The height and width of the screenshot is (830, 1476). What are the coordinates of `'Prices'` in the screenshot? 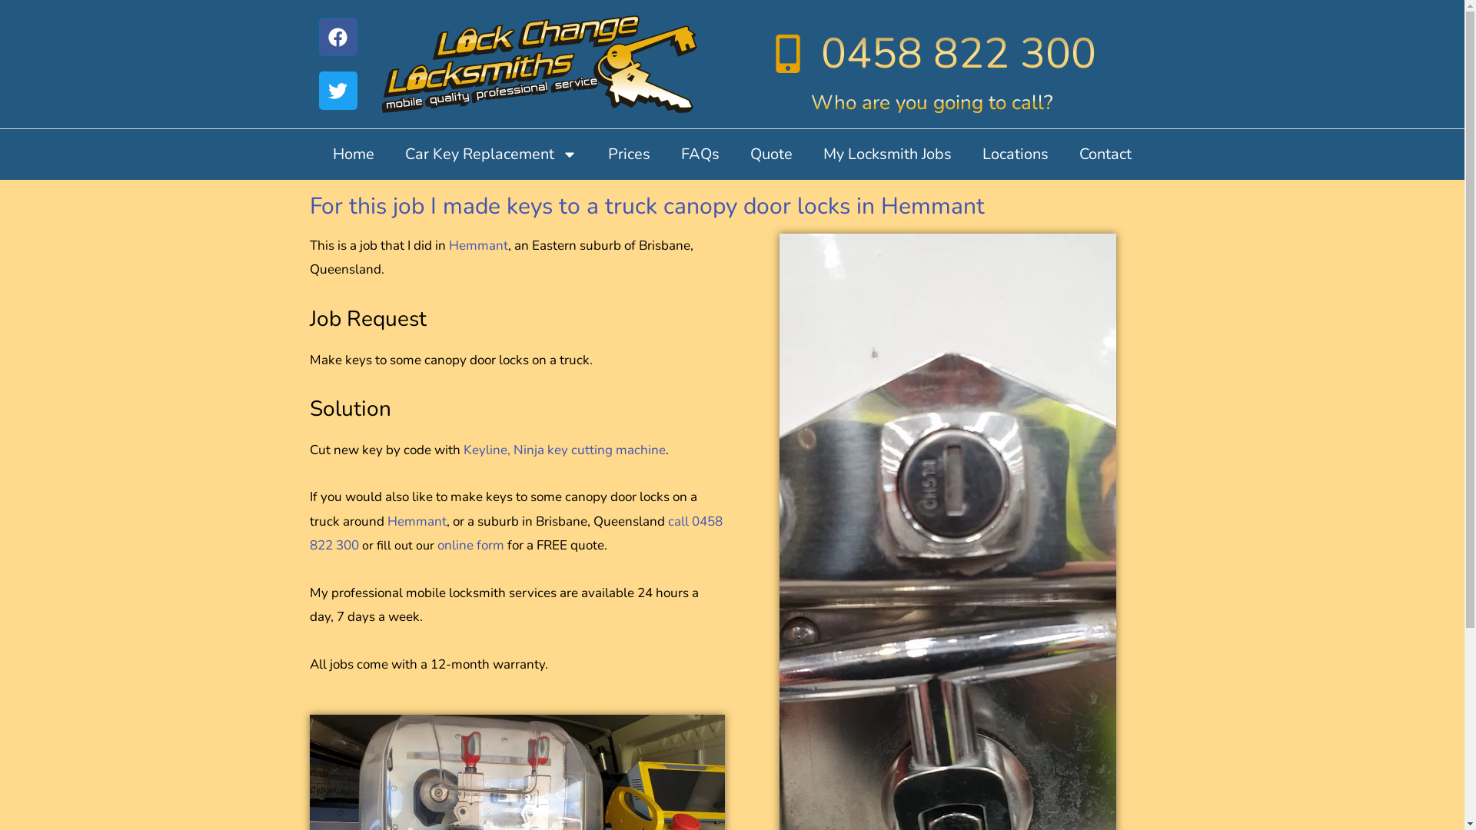 It's located at (629, 154).